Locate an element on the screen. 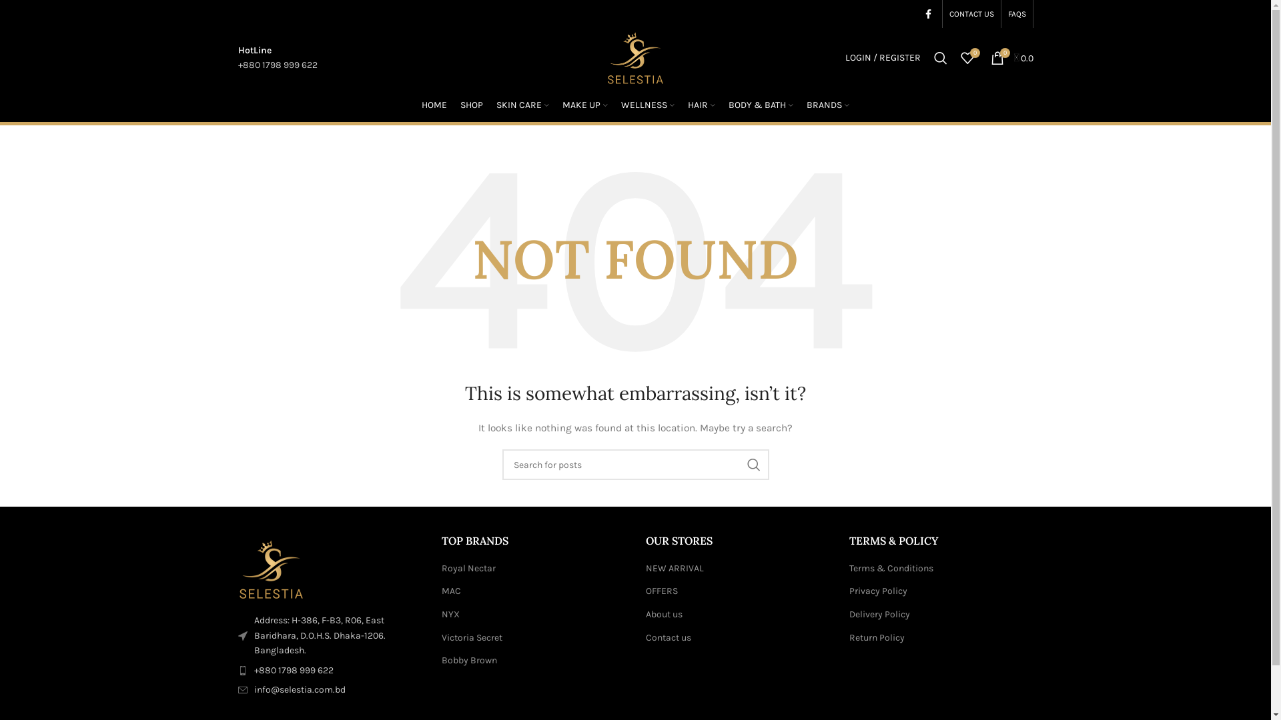 The image size is (1281, 720). 'BODY & BATH' is located at coordinates (761, 105).